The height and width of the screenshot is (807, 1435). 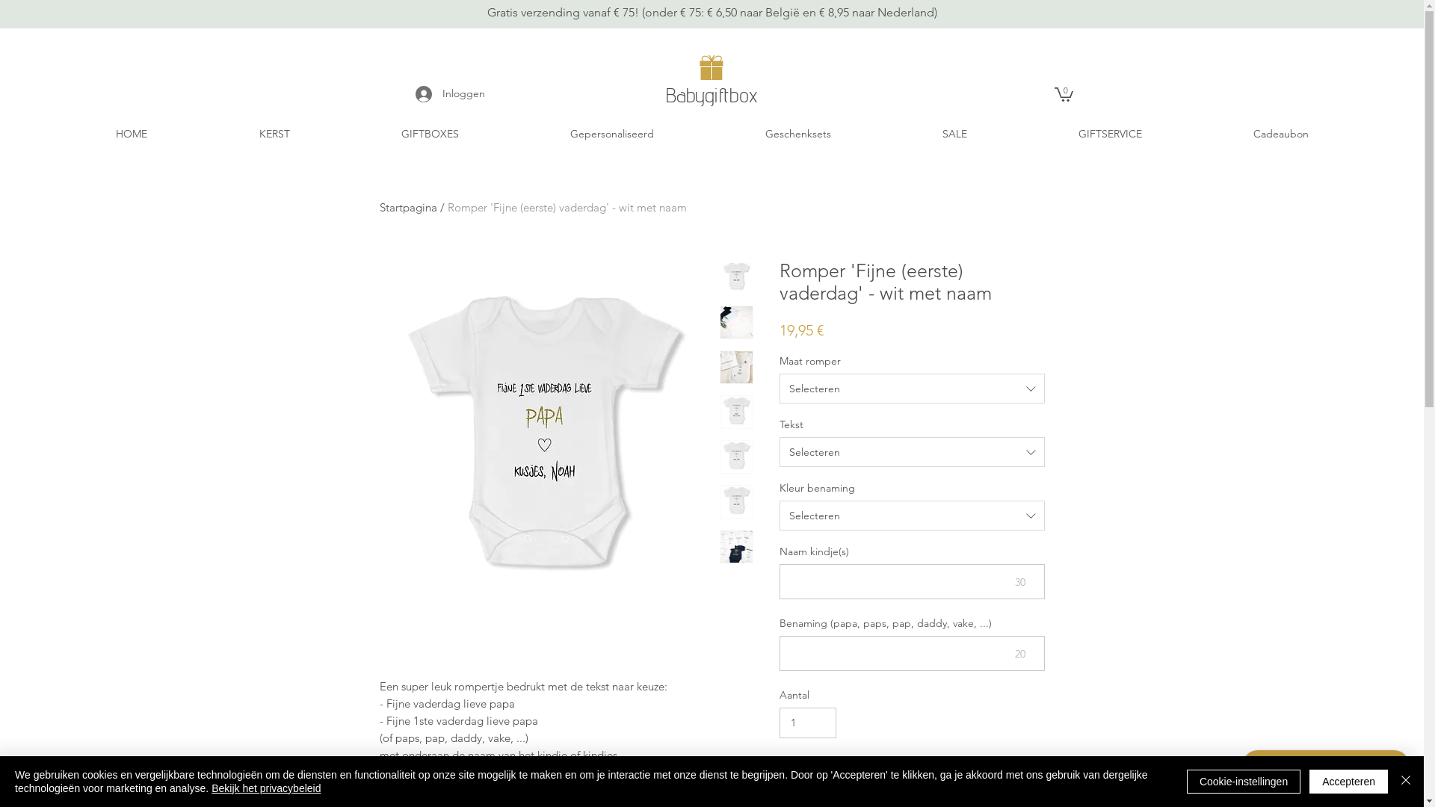 I want to click on 'Inloggen', so click(x=405, y=94).